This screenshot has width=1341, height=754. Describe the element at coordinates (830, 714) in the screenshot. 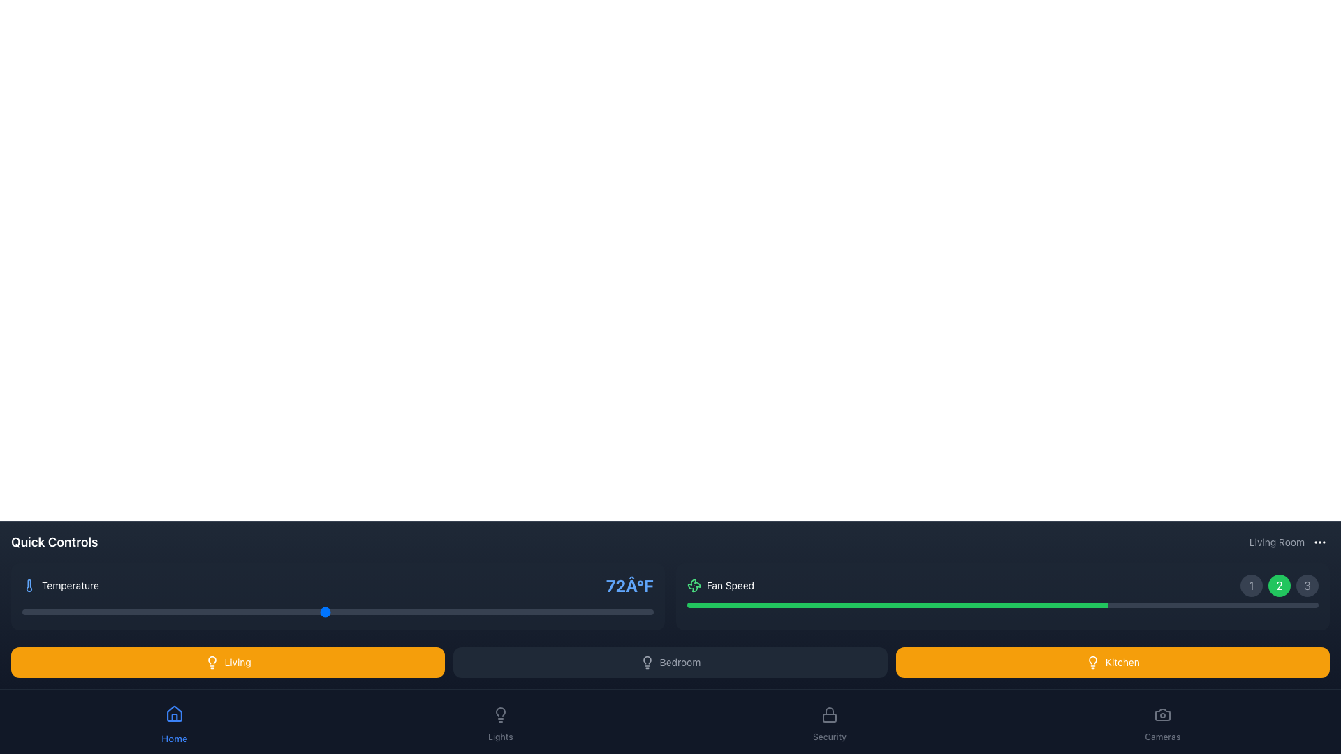

I see `the lock icon in the bottom navigation bar` at that location.